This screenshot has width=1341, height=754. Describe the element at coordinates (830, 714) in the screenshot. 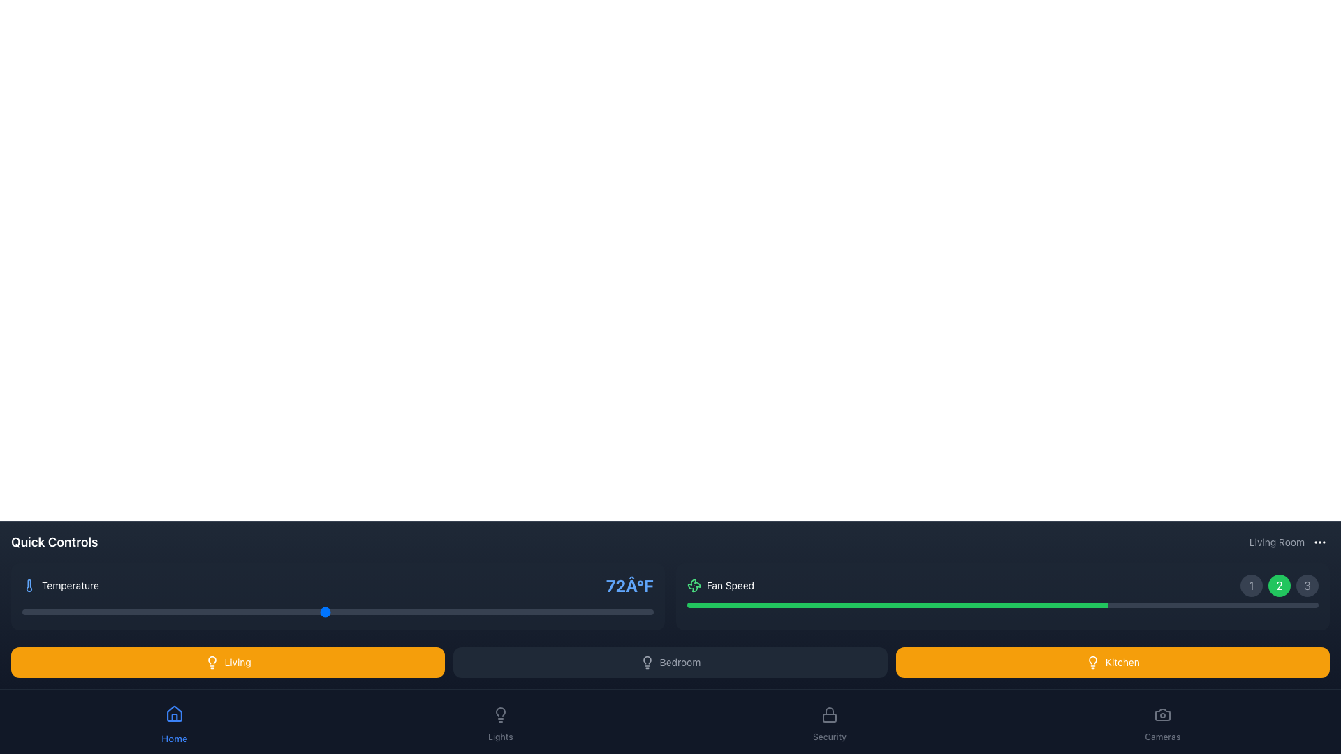

I see `the lock icon in the bottom navigation bar` at that location.